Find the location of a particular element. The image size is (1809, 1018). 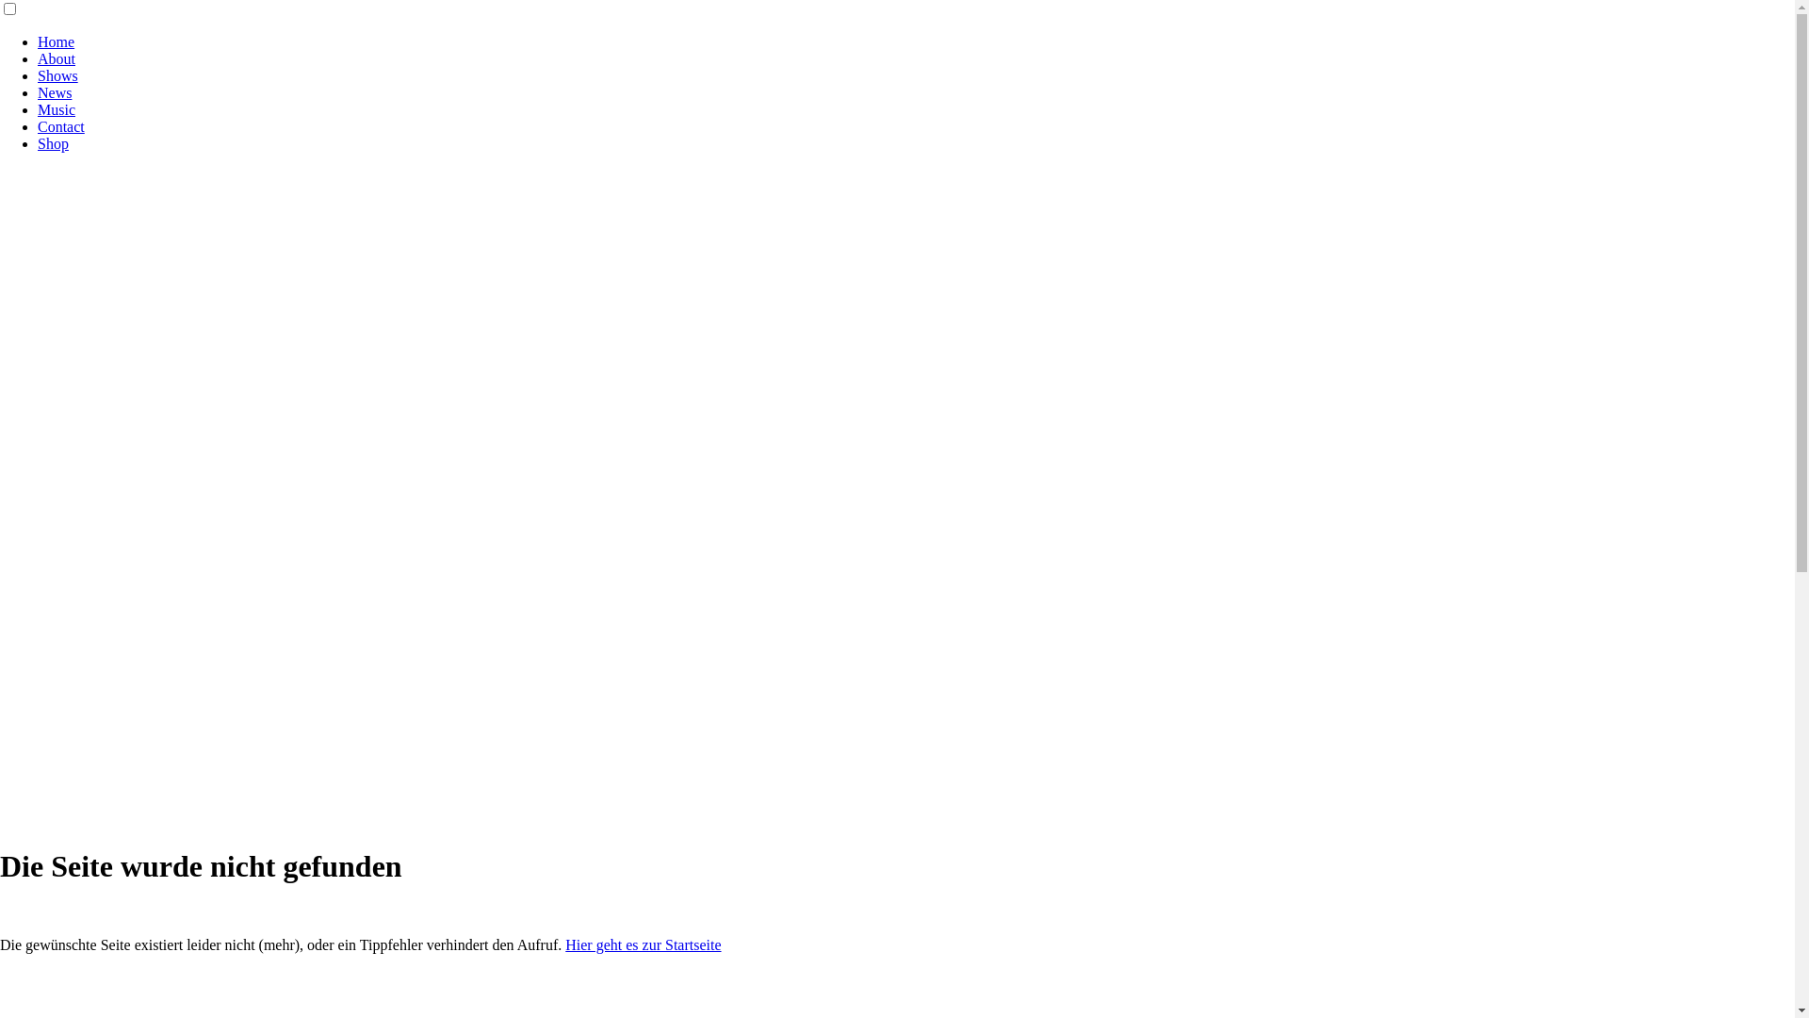

'Contact' is located at coordinates (61, 126).